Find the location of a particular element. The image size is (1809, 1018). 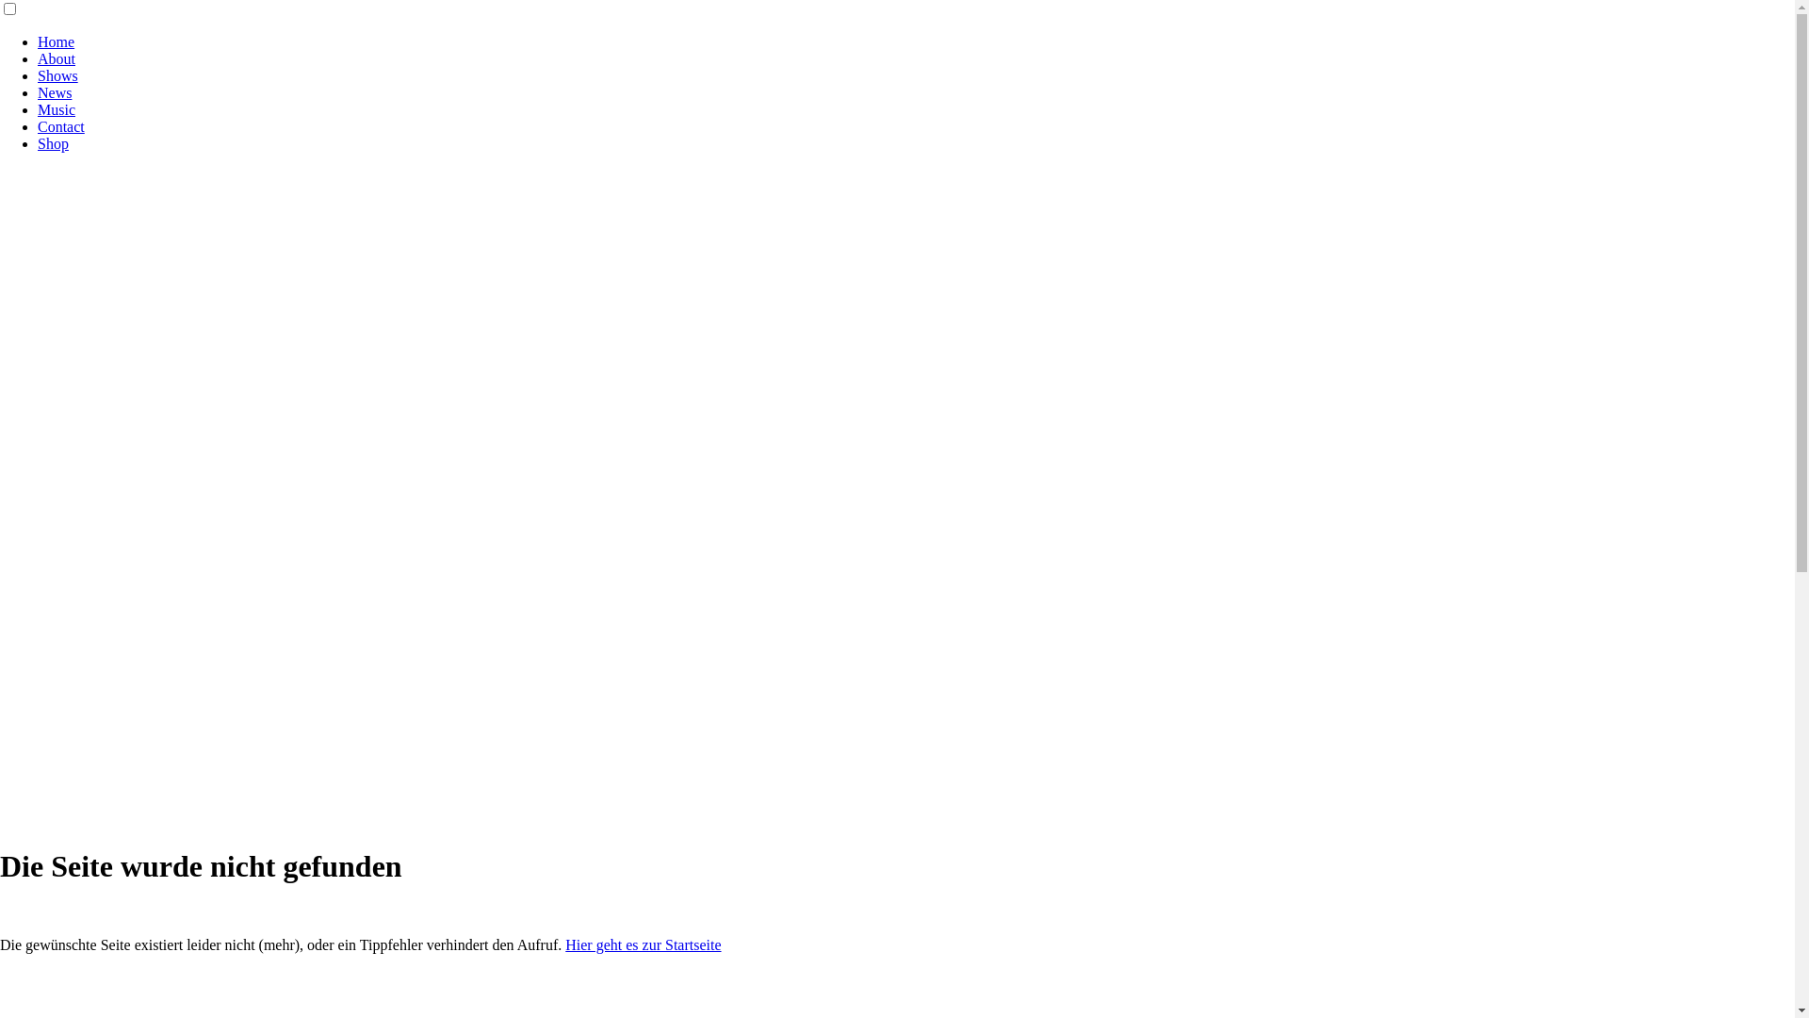

'Contact' is located at coordinates (61, 126).